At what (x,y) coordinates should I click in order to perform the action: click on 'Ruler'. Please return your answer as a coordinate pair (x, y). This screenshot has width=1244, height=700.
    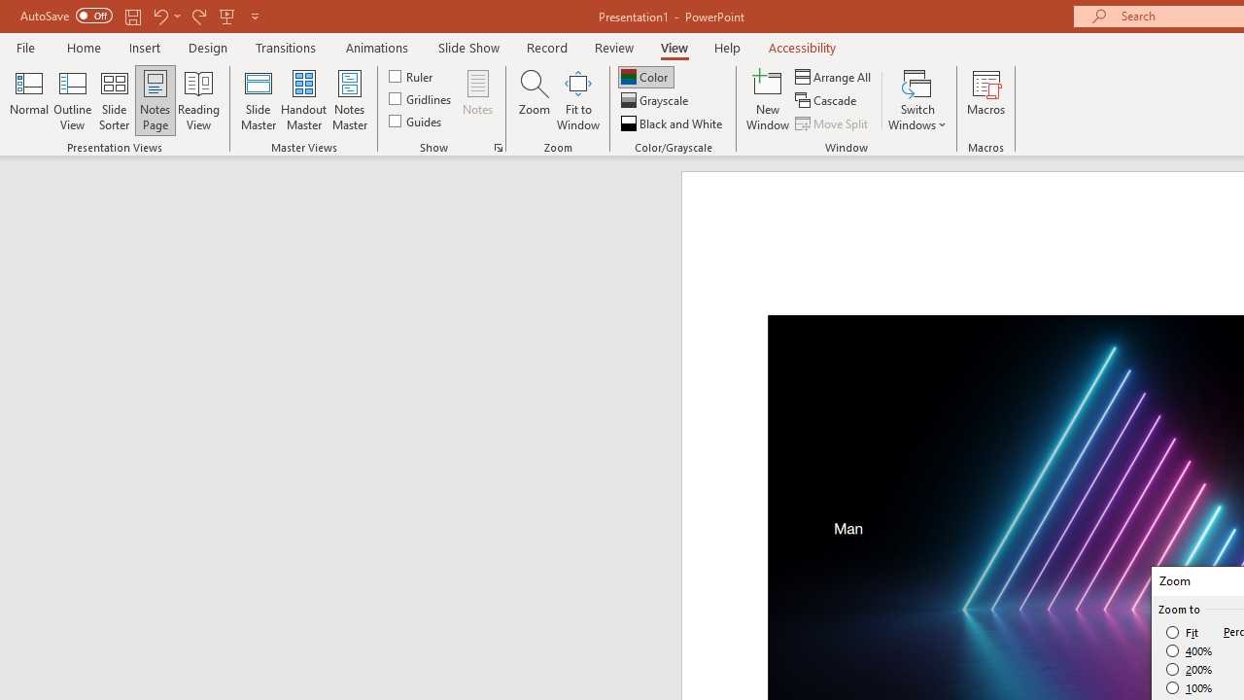
    Looking at the image, I should click on (411, 75).